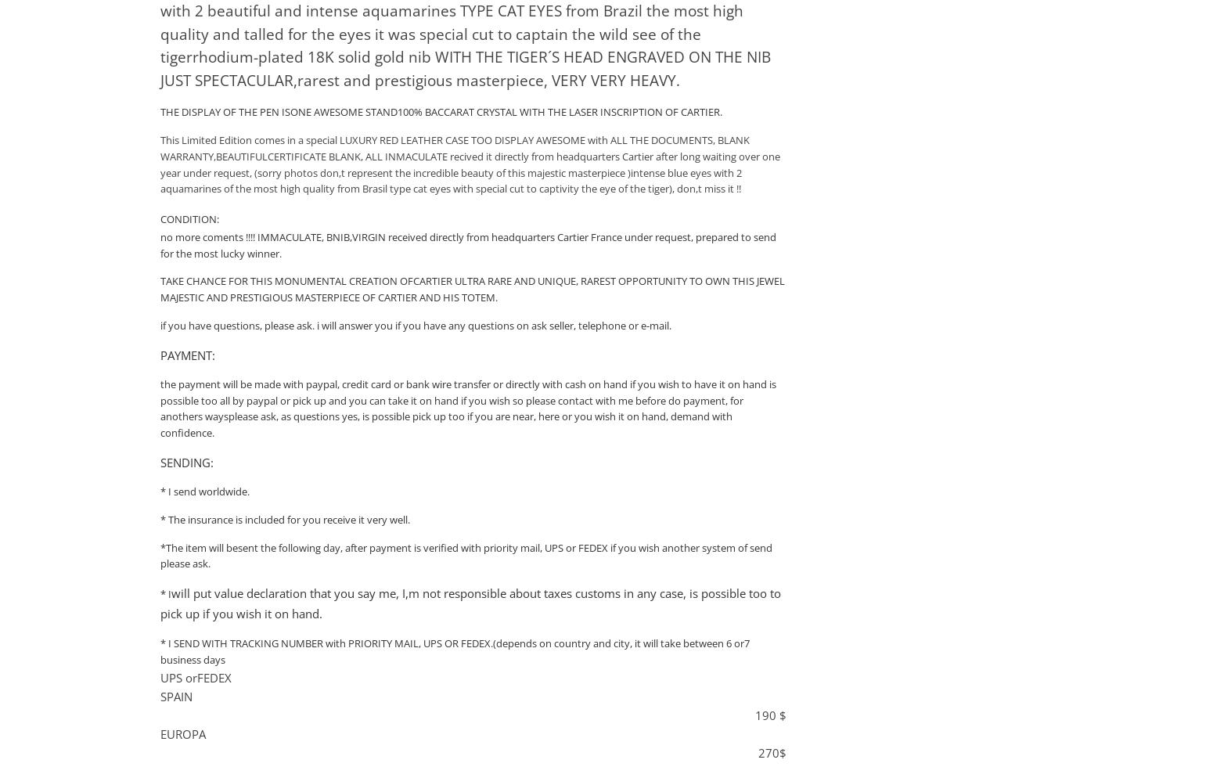 This screenshot has height=767, width=1213. Describe the element at coordinates (473, 289) in the screenshot. I see `'TAKE CHANCE FOR THIS MONUMENTAL CREATION OFCARTIER ULTRA RARE AND UNIQUE, RAREST OPPORTUNITY TO OWN THIS JEWEL MAJESTIC AND PRESTIGIOUS MASTERPIECE OF CARTIER AND HIS TOTEM.'` at that location.